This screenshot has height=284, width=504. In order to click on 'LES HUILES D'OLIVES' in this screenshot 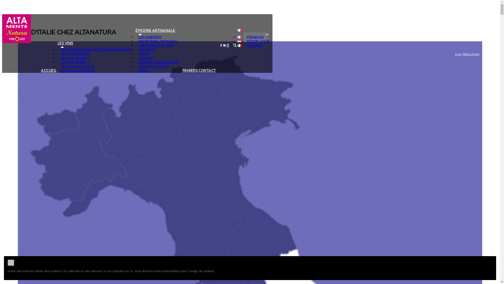, I will do `click(135, 45)`.